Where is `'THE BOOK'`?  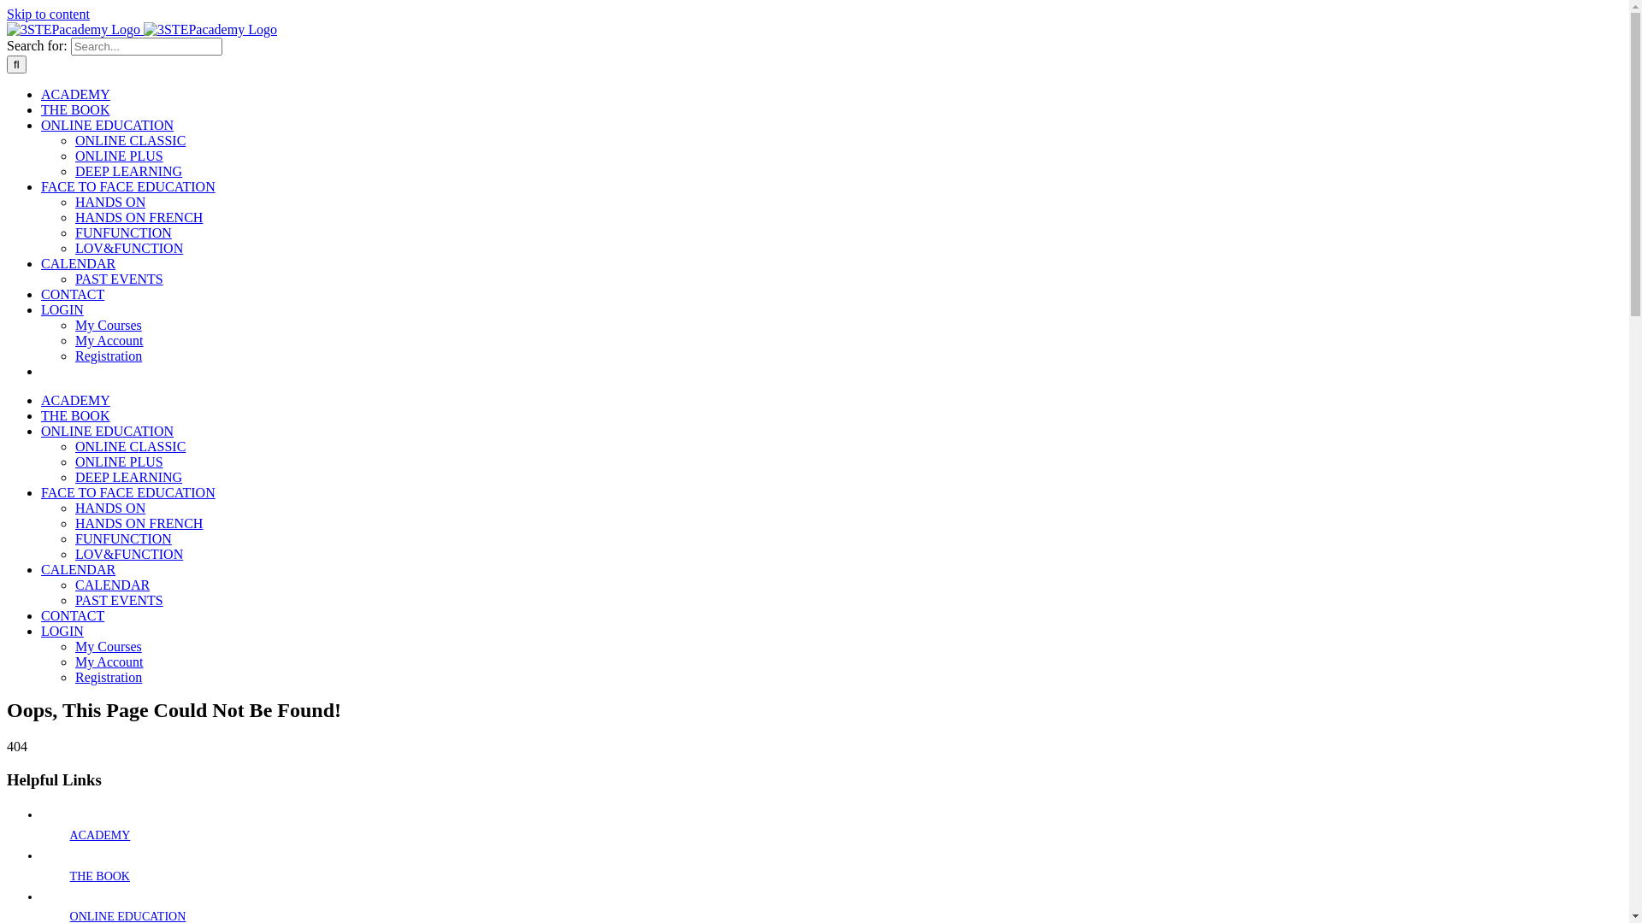
'THE BOOK' is located at coordinates (98, 876).